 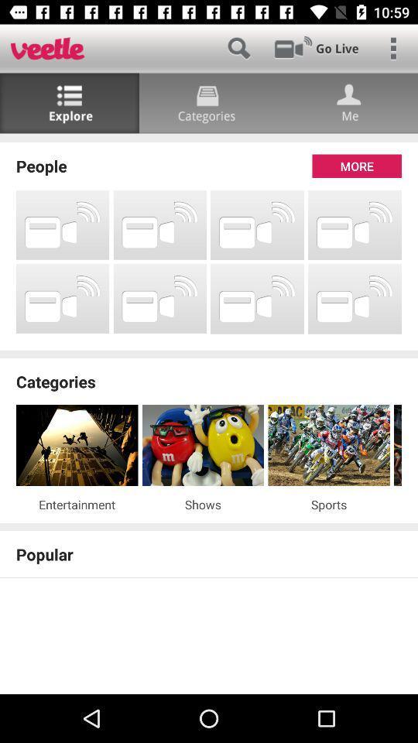 I want to click on see more options, so click(x=393, y=48).